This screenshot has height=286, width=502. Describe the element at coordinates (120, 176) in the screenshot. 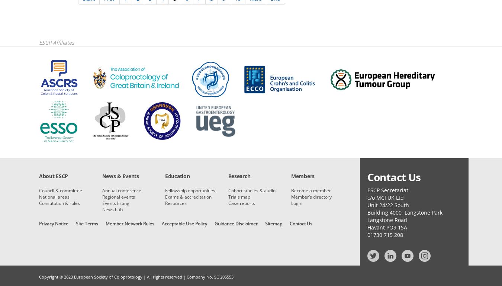

I see `'News & Events'` at that location.